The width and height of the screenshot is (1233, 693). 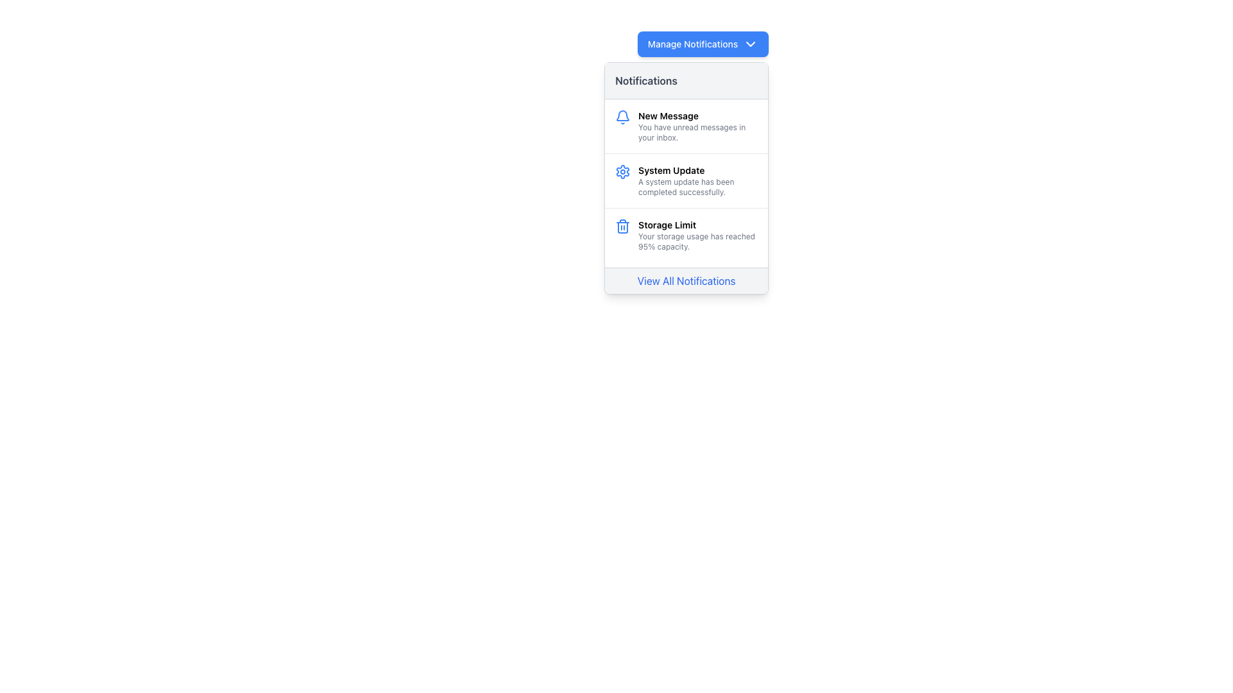 I want to click on the first notification entry that informs the user about unread messages in their inbox, located below the 'Notifications' heading, so click(x=686, y=126).